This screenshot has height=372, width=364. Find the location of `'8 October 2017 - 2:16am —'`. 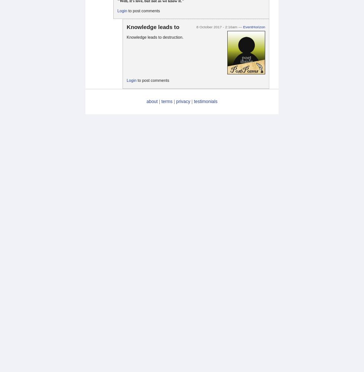

'8 October 2017 - 2:16am —' is located at coordinates (220, 26).